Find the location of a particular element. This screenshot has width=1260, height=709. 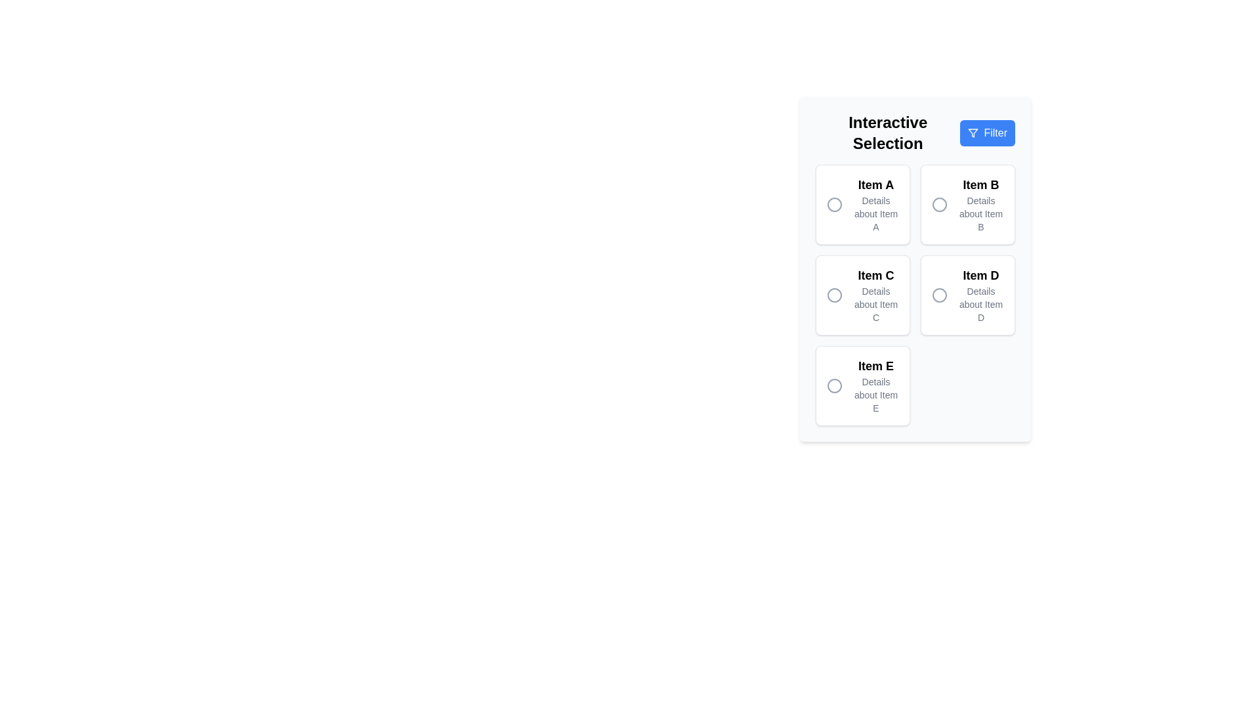

the Radio Button Indicator for 'Item B', which is the second selectable option in the grid layout, located in the second cell of the first row is located at coordinates (938, 205).